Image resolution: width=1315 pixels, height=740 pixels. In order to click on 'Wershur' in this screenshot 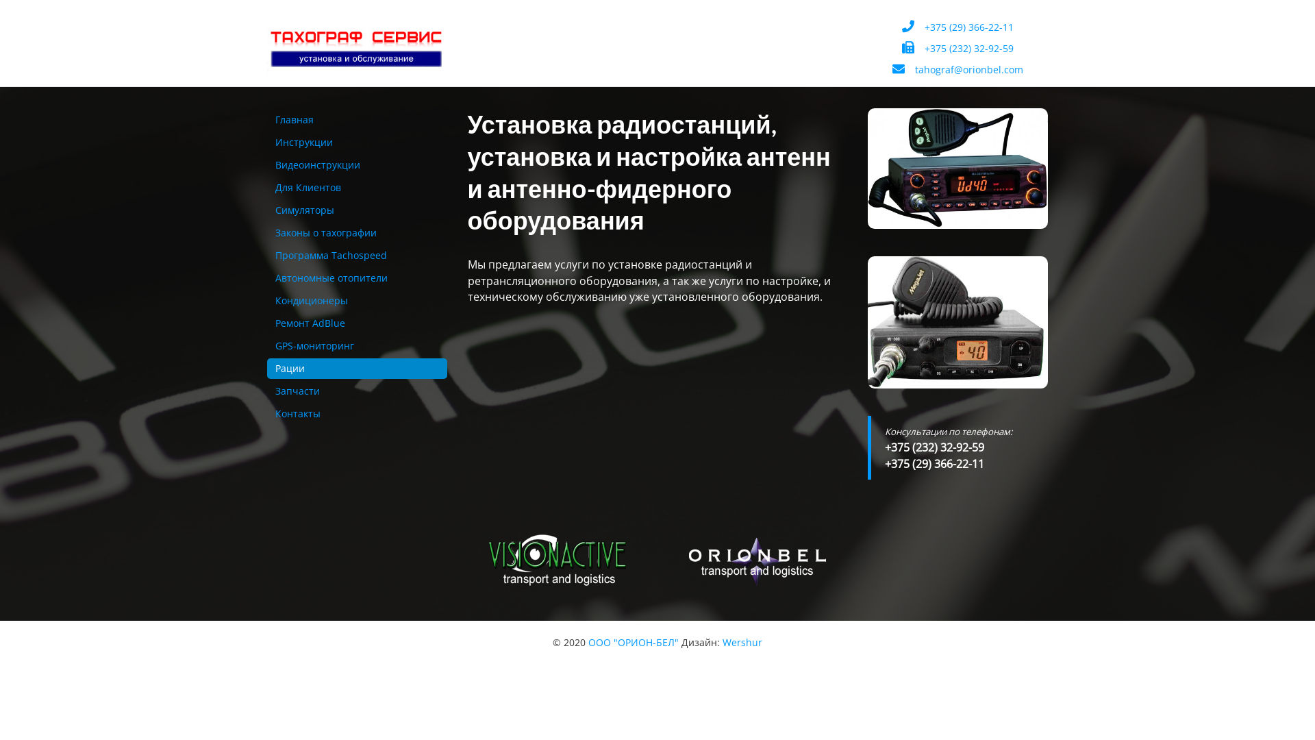, I will do `click(742, 642)`.